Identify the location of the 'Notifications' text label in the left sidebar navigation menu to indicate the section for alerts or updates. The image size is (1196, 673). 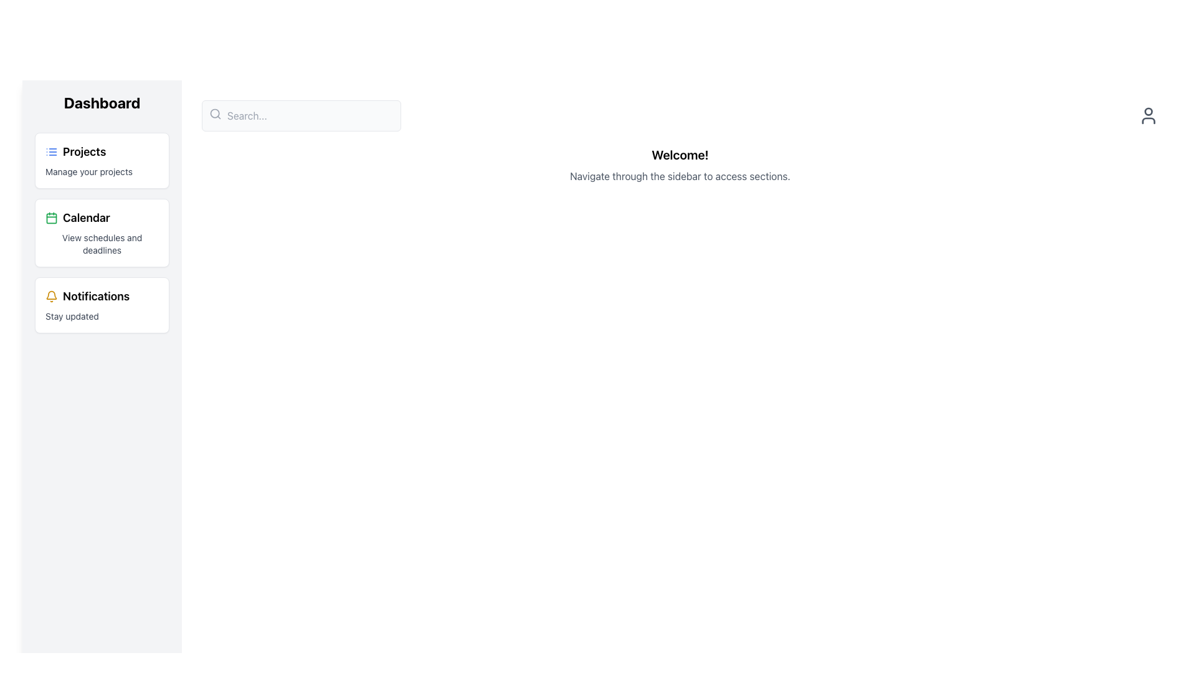
(95, 296).